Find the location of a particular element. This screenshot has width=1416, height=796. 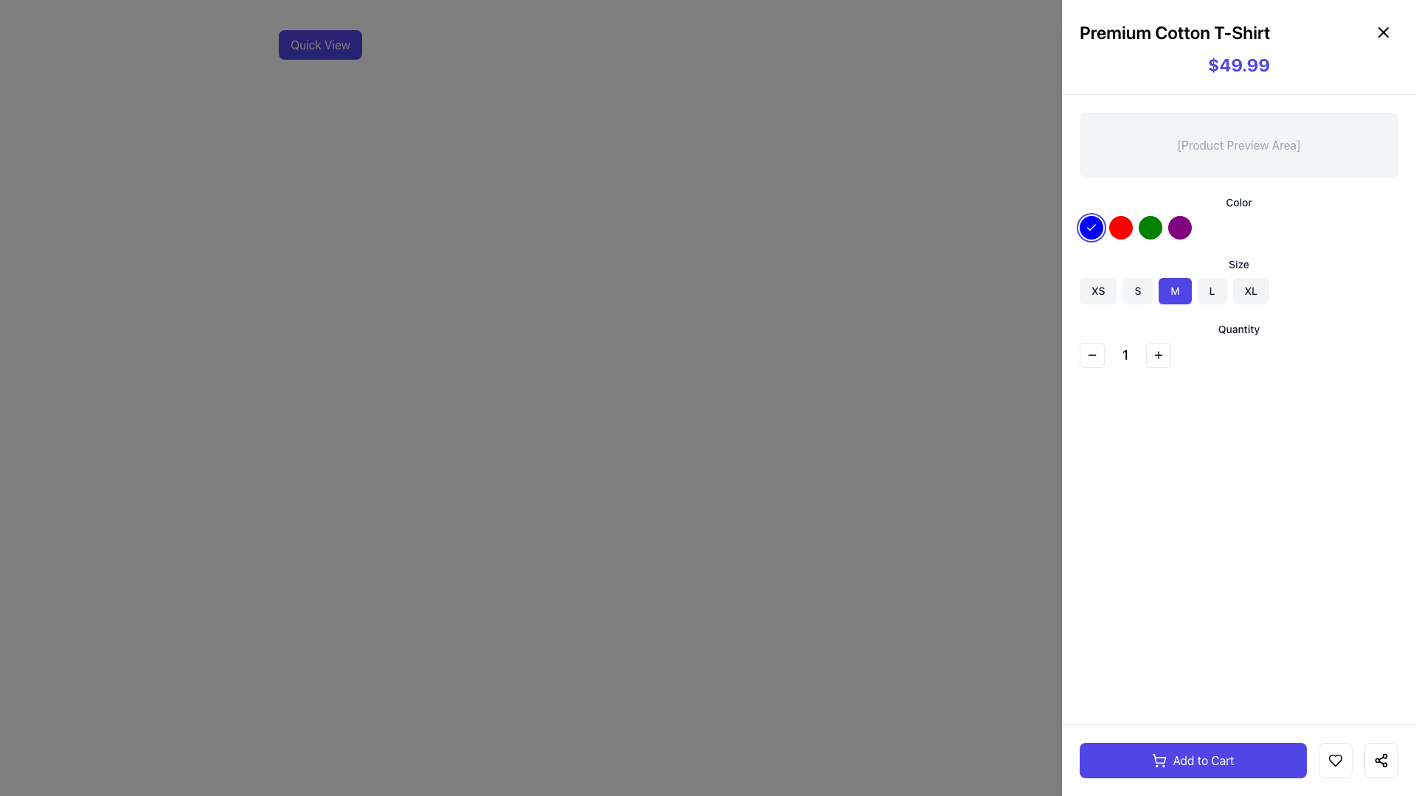

the Minus Icon button located to the left of the quantity selector in the 'Quantity' section to decrease the quantity of the selected item is located at coordinates (1092, 355).